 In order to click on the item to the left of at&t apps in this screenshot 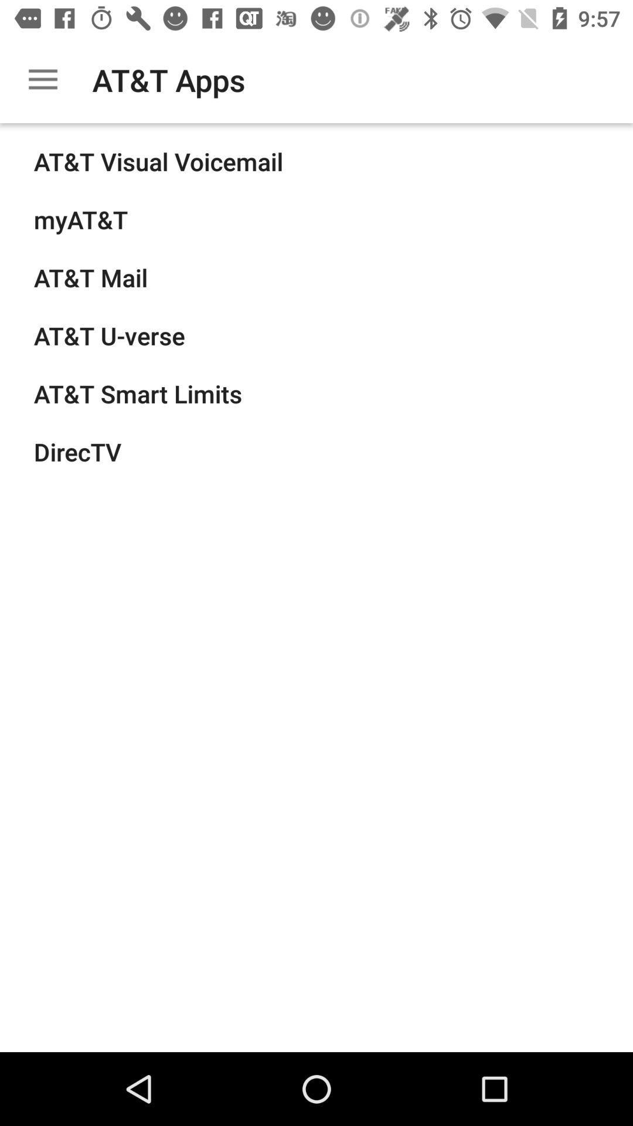, I will do `click(42, 79)`.